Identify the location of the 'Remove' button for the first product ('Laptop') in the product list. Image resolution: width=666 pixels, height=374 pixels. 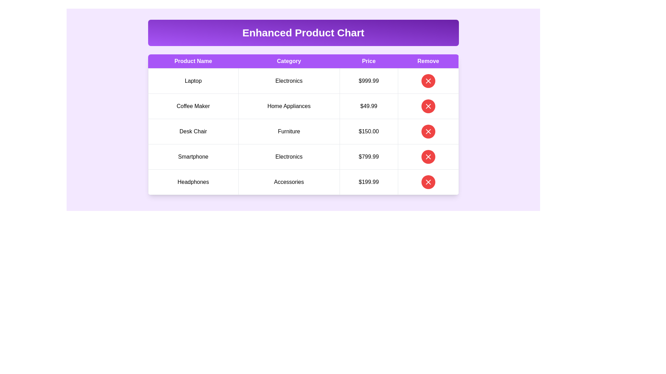
(427, 81).